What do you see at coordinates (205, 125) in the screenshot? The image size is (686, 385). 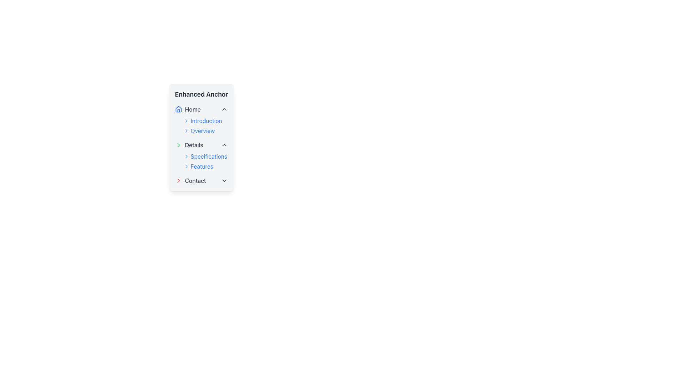 I see `the 'Introduction' navigation menu item located under the 'Home' section` at bounding box center [205, 125].